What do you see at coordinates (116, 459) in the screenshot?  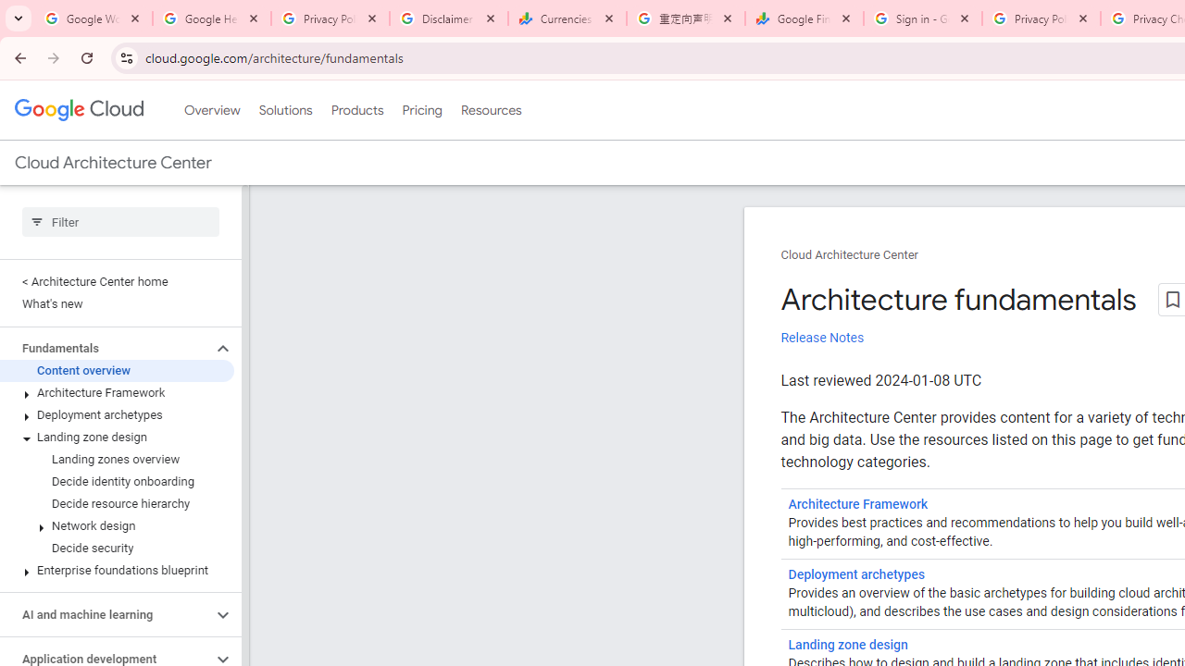 I see `'Landing zones overview'` at bounding box center [116, 459].